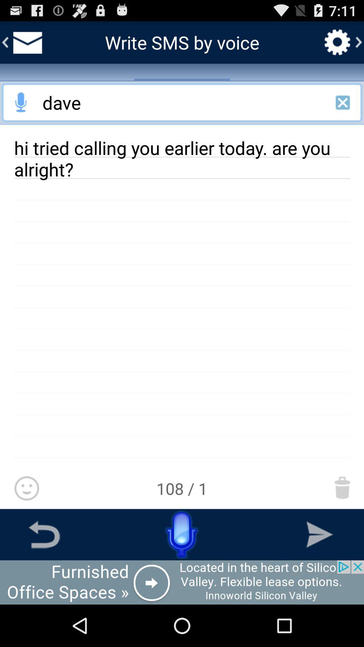  I want to click on exit, so click(343, 102).